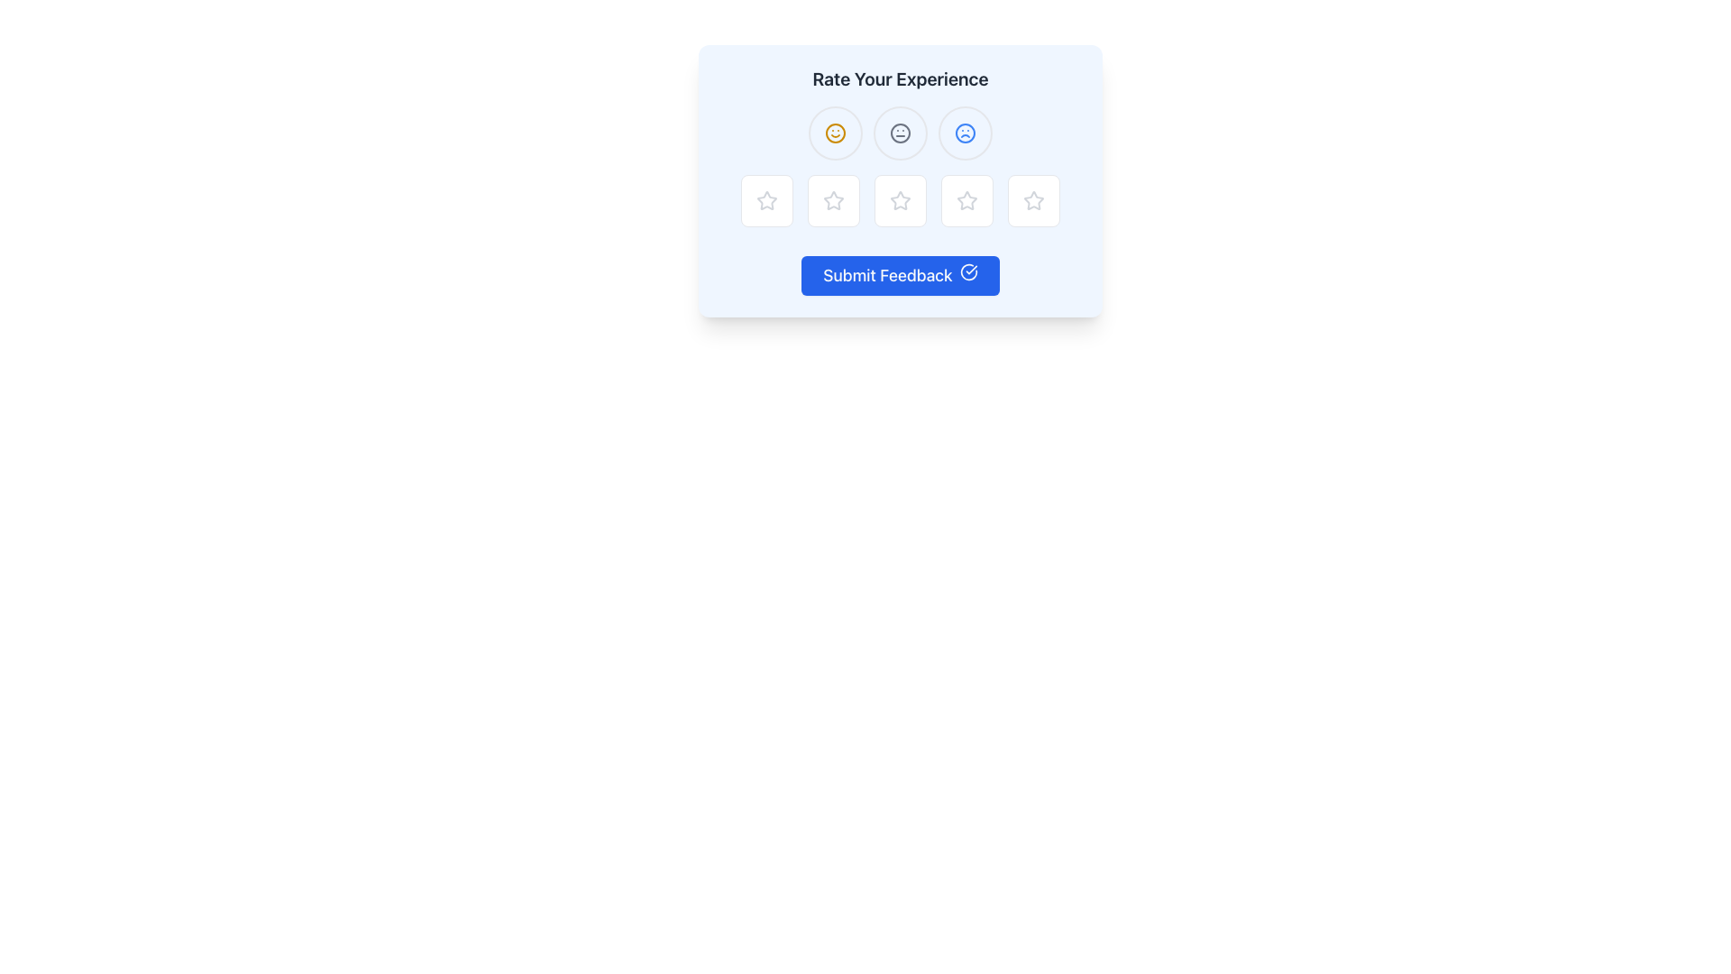 The image size is (1731, 974). Describe the element at coordinates (964, 132) in the screenshot. I see `the circular shape of the unhappy emoji located in the rightmost position of the three-emoji group in the 'Rate Your Experience' component` at that location.